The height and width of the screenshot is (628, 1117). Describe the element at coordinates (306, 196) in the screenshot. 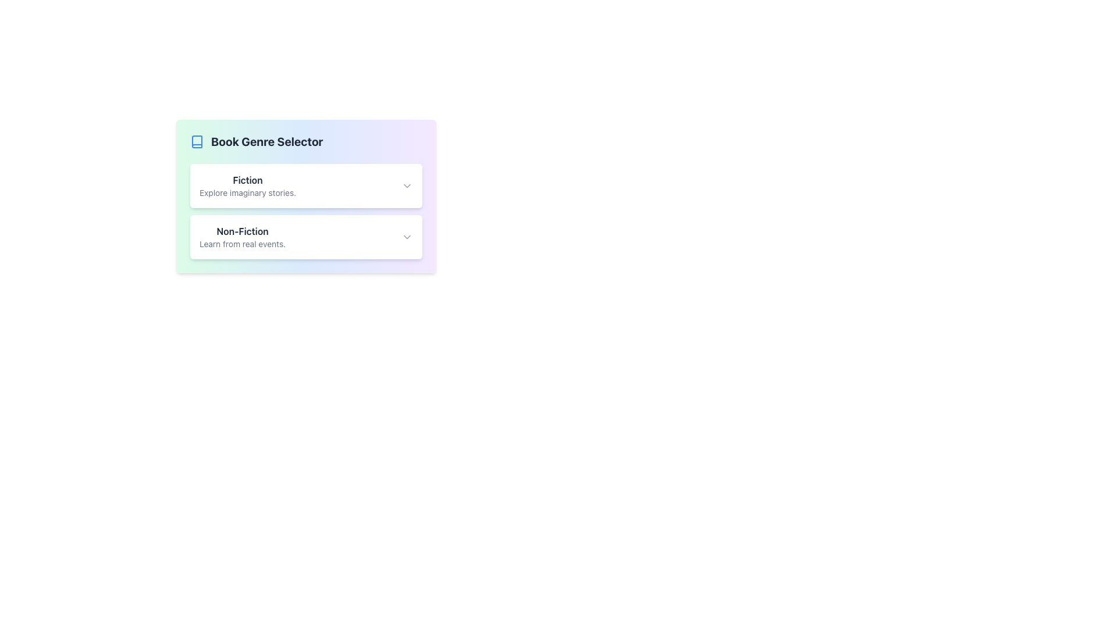

I see `the 'Fiction' and 'Non-Fiction' options in the 'Book Genre Selector' component` at that location.